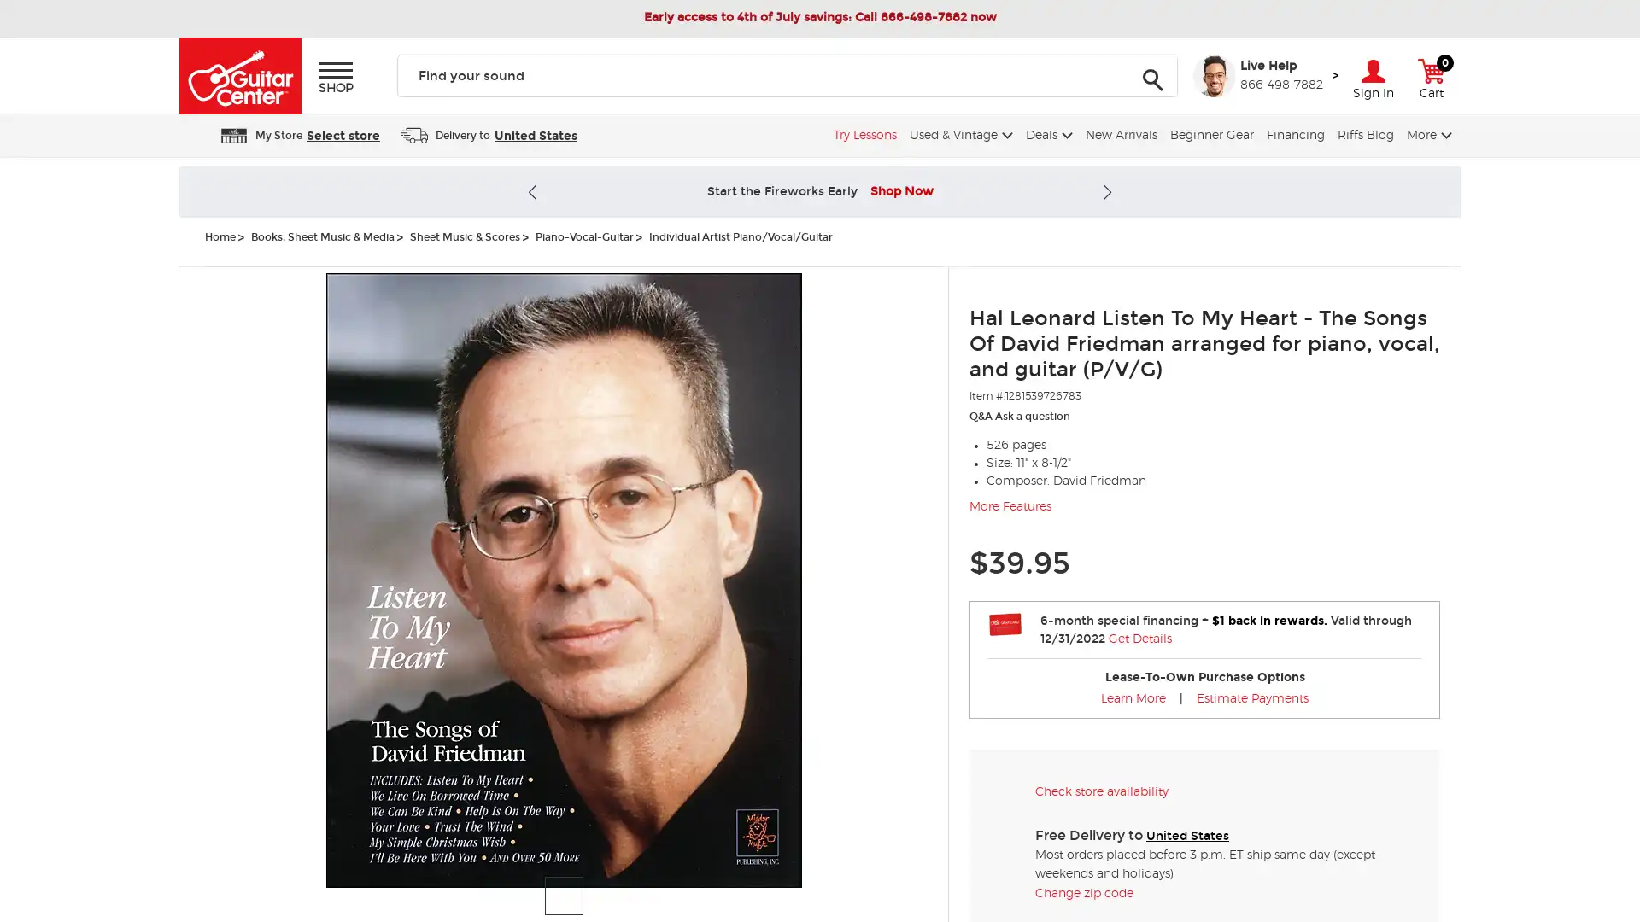 Image resolution: width=1640 pixels, height=922 pixels. I want to click on Try Lessons, so click(863, 134).